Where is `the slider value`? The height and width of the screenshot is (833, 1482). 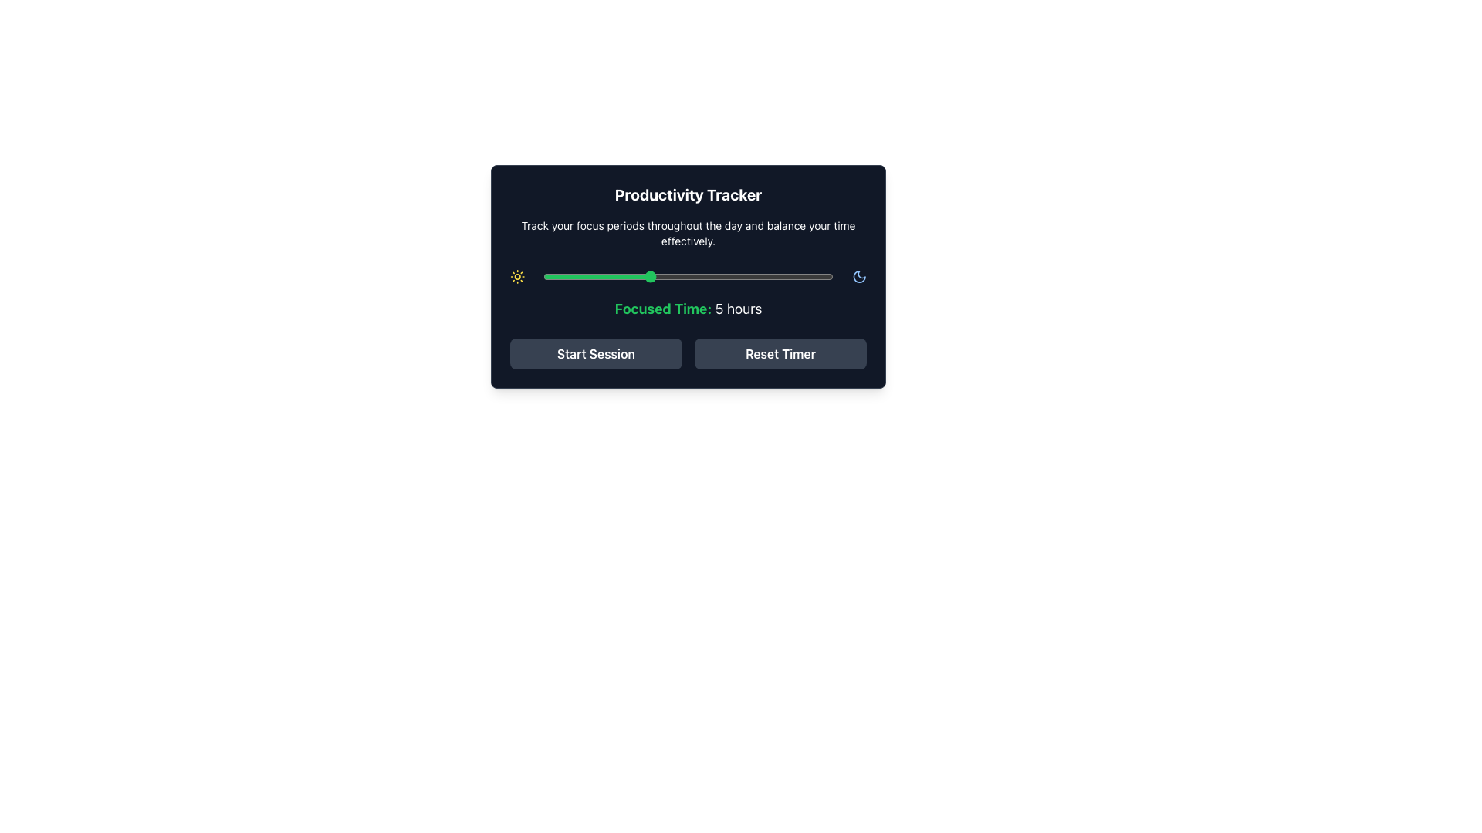 the slider value is located at coordinates (675, 275).